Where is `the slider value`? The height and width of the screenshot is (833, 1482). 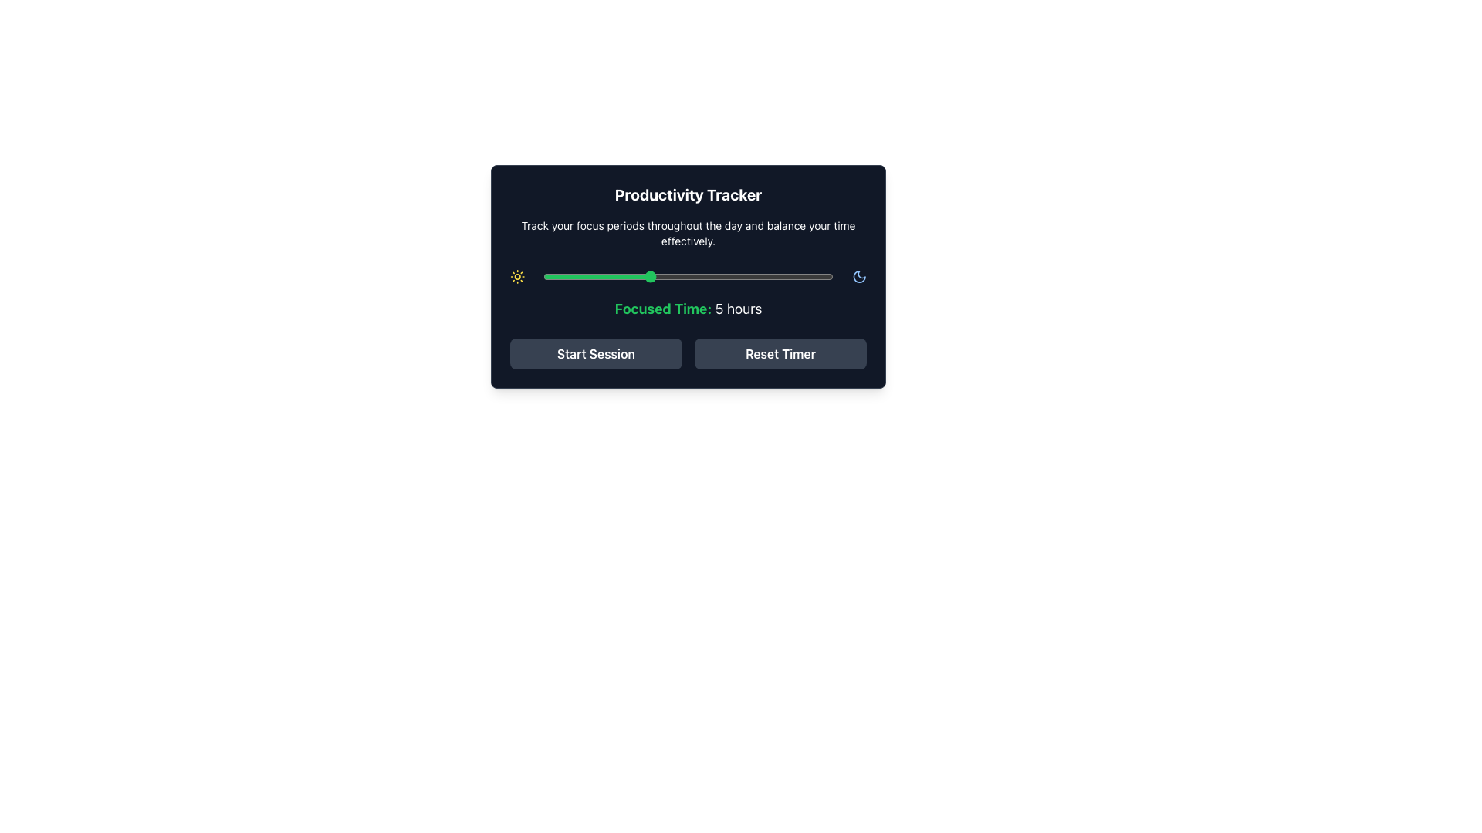 the slider value is located at coordinates (675, 275).